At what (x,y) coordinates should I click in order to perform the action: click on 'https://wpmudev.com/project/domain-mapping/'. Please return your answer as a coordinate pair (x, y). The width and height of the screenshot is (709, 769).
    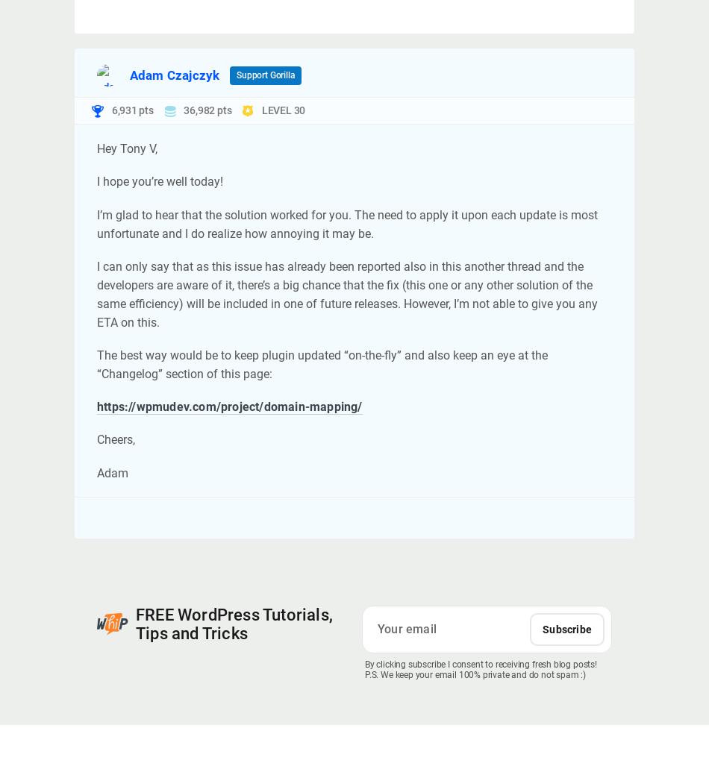
    Looking at the image, I should click on (96, 406).